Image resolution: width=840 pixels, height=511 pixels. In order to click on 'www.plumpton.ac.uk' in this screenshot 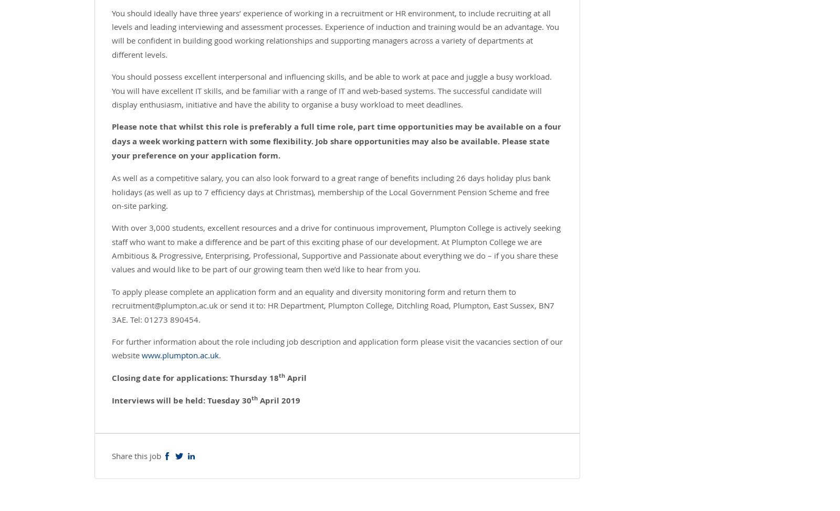, I will do `click(180, 355)`.